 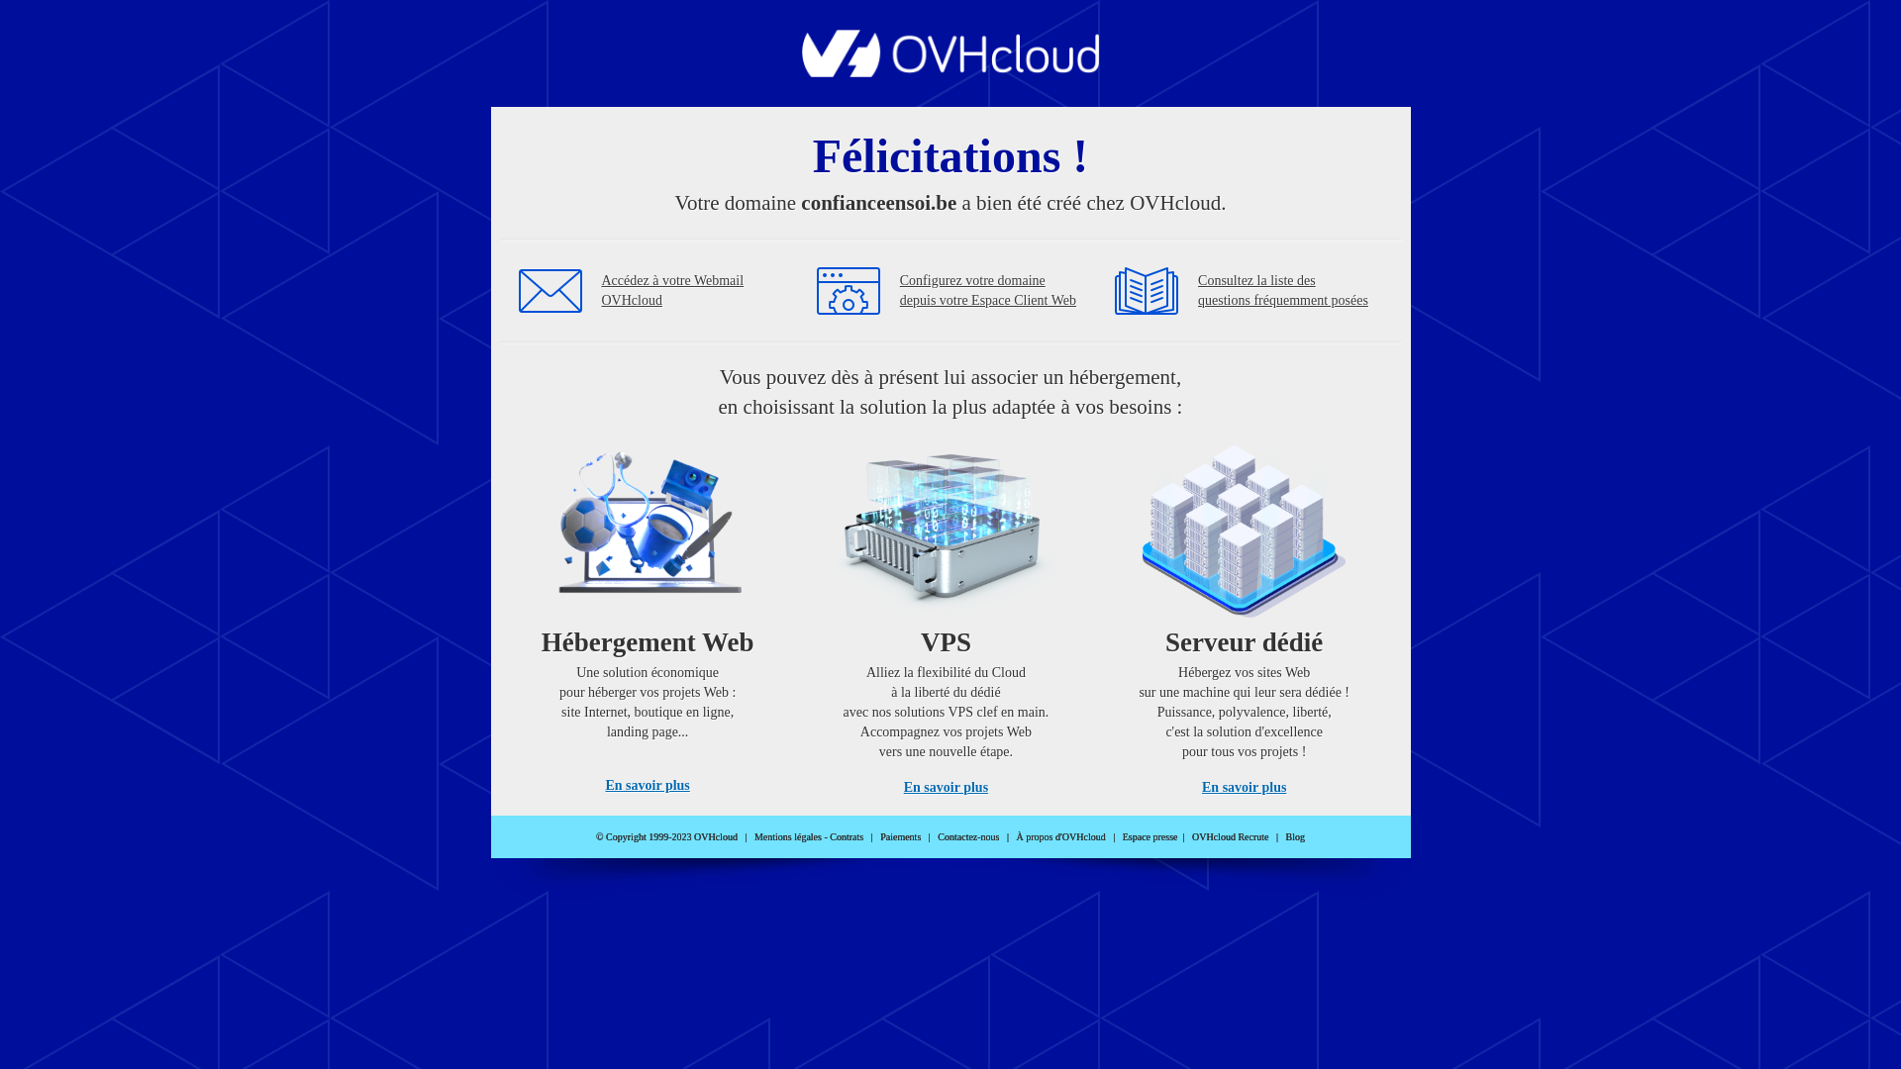 What do you see at coordinates (945, 612) in the screenshot?
I see `'VPS'` at bounding box center [945, 612].